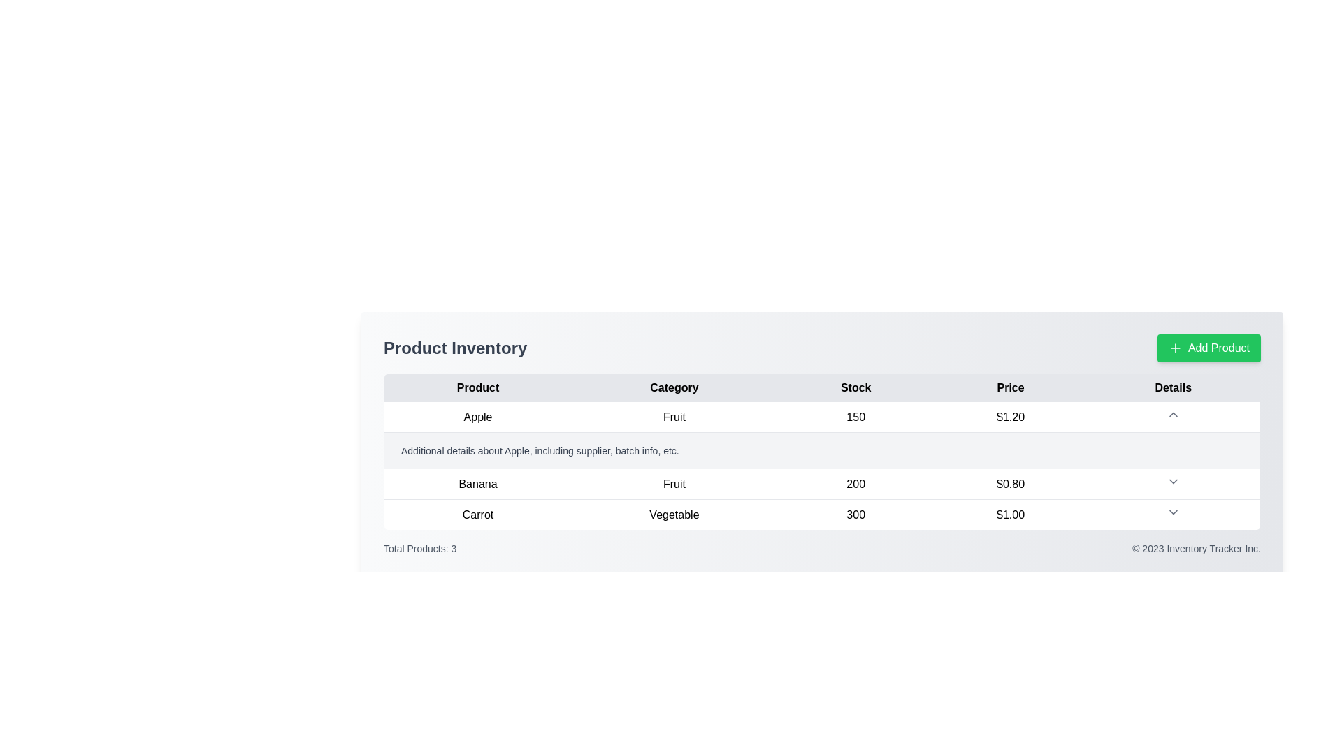 This screenshot has width=1342, height=754. Describe the element at coordinates (1174, 416) in the screenshot. I see `the clickable icon located in the last column labeled 'Details' of the row corresponding to the 'Apple' product in the table` at that location.